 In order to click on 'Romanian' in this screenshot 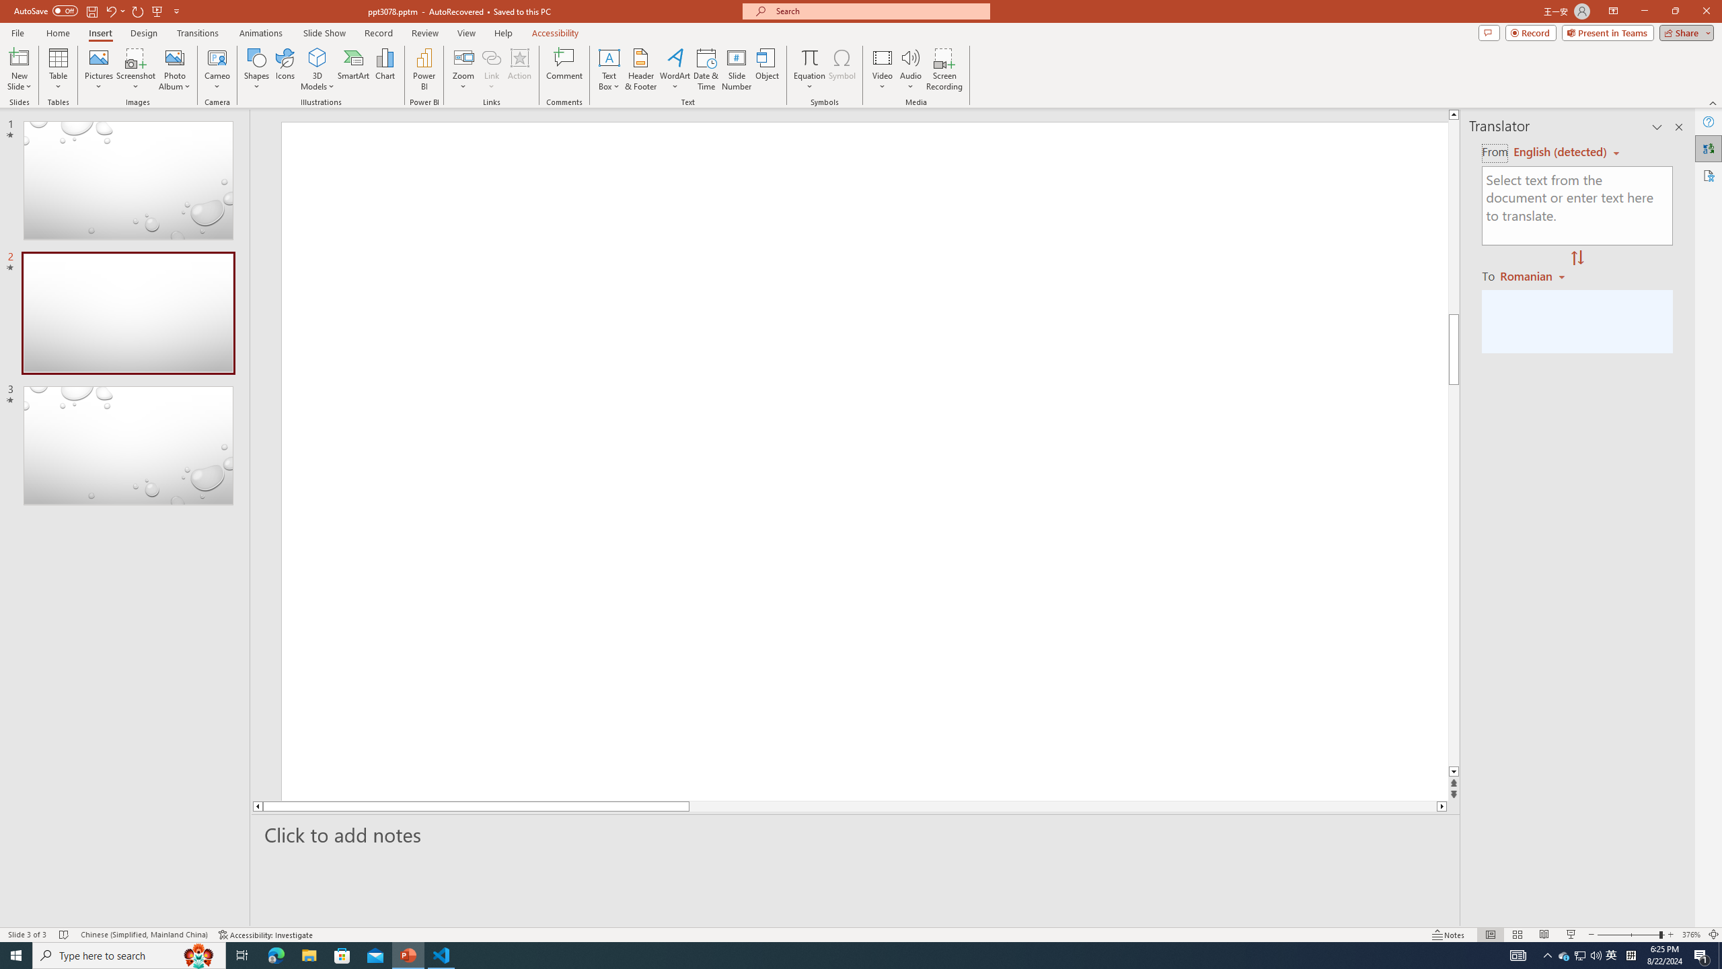, I will do `click(1533, 275)`.